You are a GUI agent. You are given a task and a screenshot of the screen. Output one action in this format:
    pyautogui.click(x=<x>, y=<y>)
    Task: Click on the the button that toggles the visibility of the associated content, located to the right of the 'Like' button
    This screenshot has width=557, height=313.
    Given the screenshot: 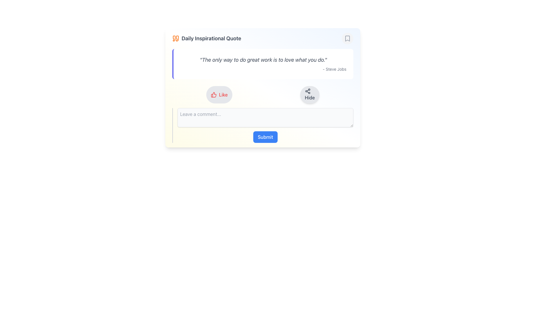 What is the action you would take?
    pyautogui.click(x=309, y=94)
    